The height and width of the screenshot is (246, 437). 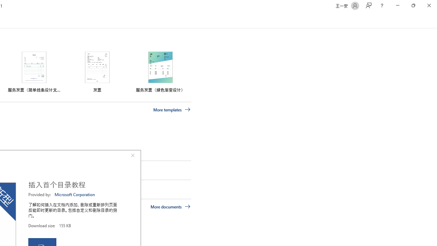 What do you see at coordinates (75, 194) in the screenshot?
I see `'Microsoft Corporation'` at bounding box center [75, 194].